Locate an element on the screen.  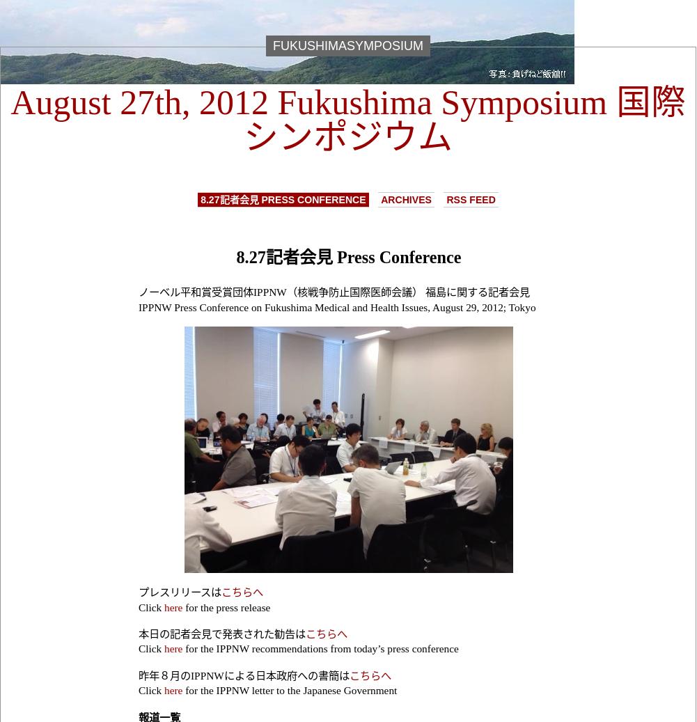
'Archives' is located at coordinates (405, 198).